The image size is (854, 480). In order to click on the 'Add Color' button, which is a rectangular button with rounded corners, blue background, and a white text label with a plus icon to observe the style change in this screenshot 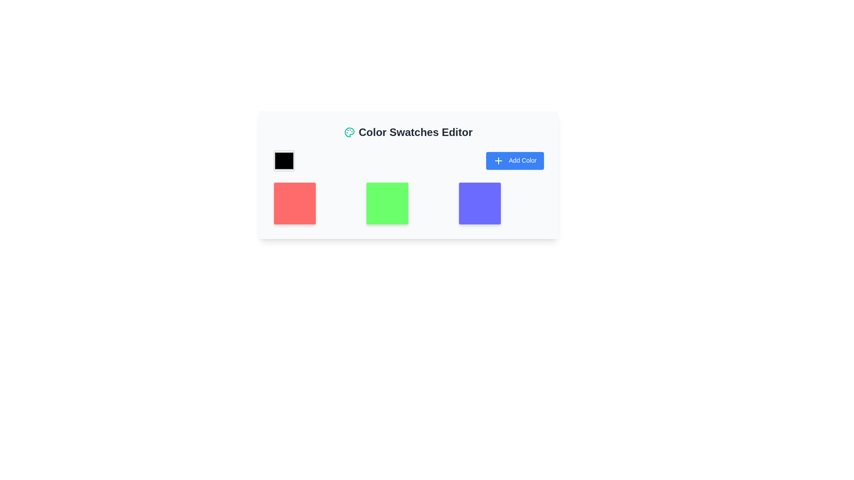, I will do `click(515, 161)`.